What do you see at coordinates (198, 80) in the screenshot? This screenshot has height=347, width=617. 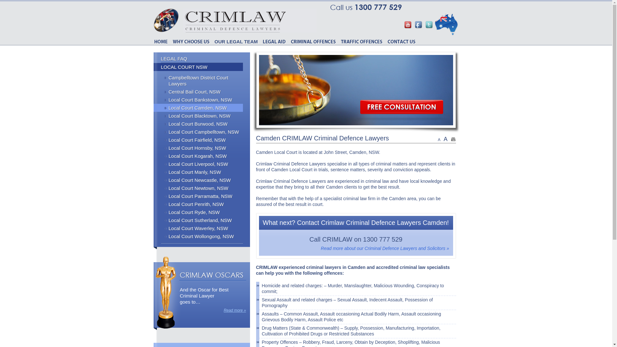 I see `'Campbelltown District Court Lawyers'` at bounding box center [198, 80].